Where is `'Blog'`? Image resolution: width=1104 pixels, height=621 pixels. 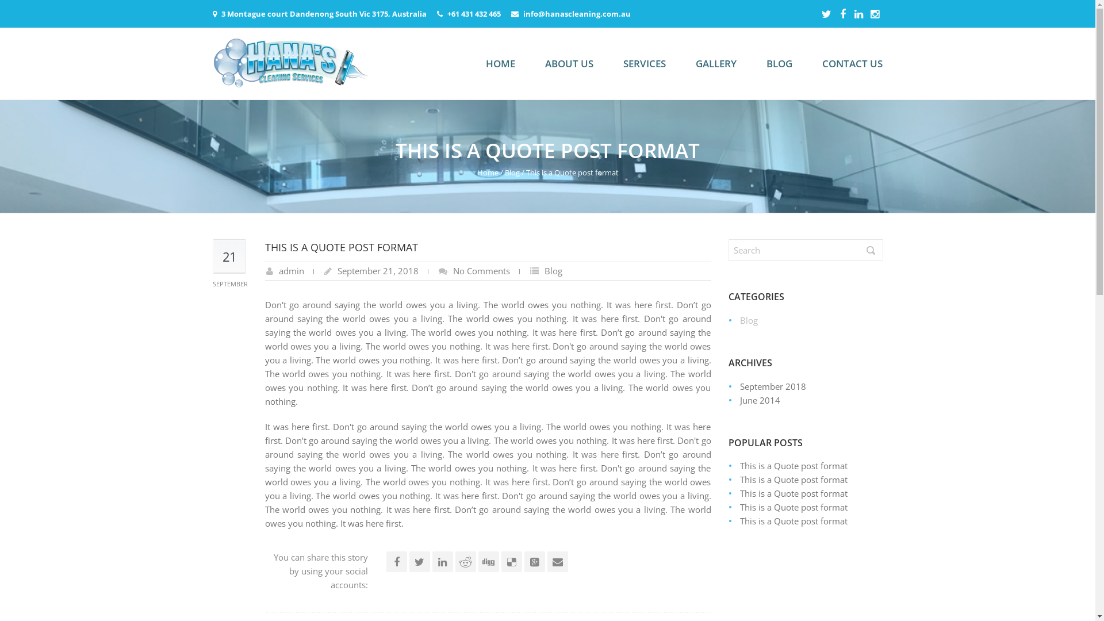 'Blog' is located at coordinates (512, 172).